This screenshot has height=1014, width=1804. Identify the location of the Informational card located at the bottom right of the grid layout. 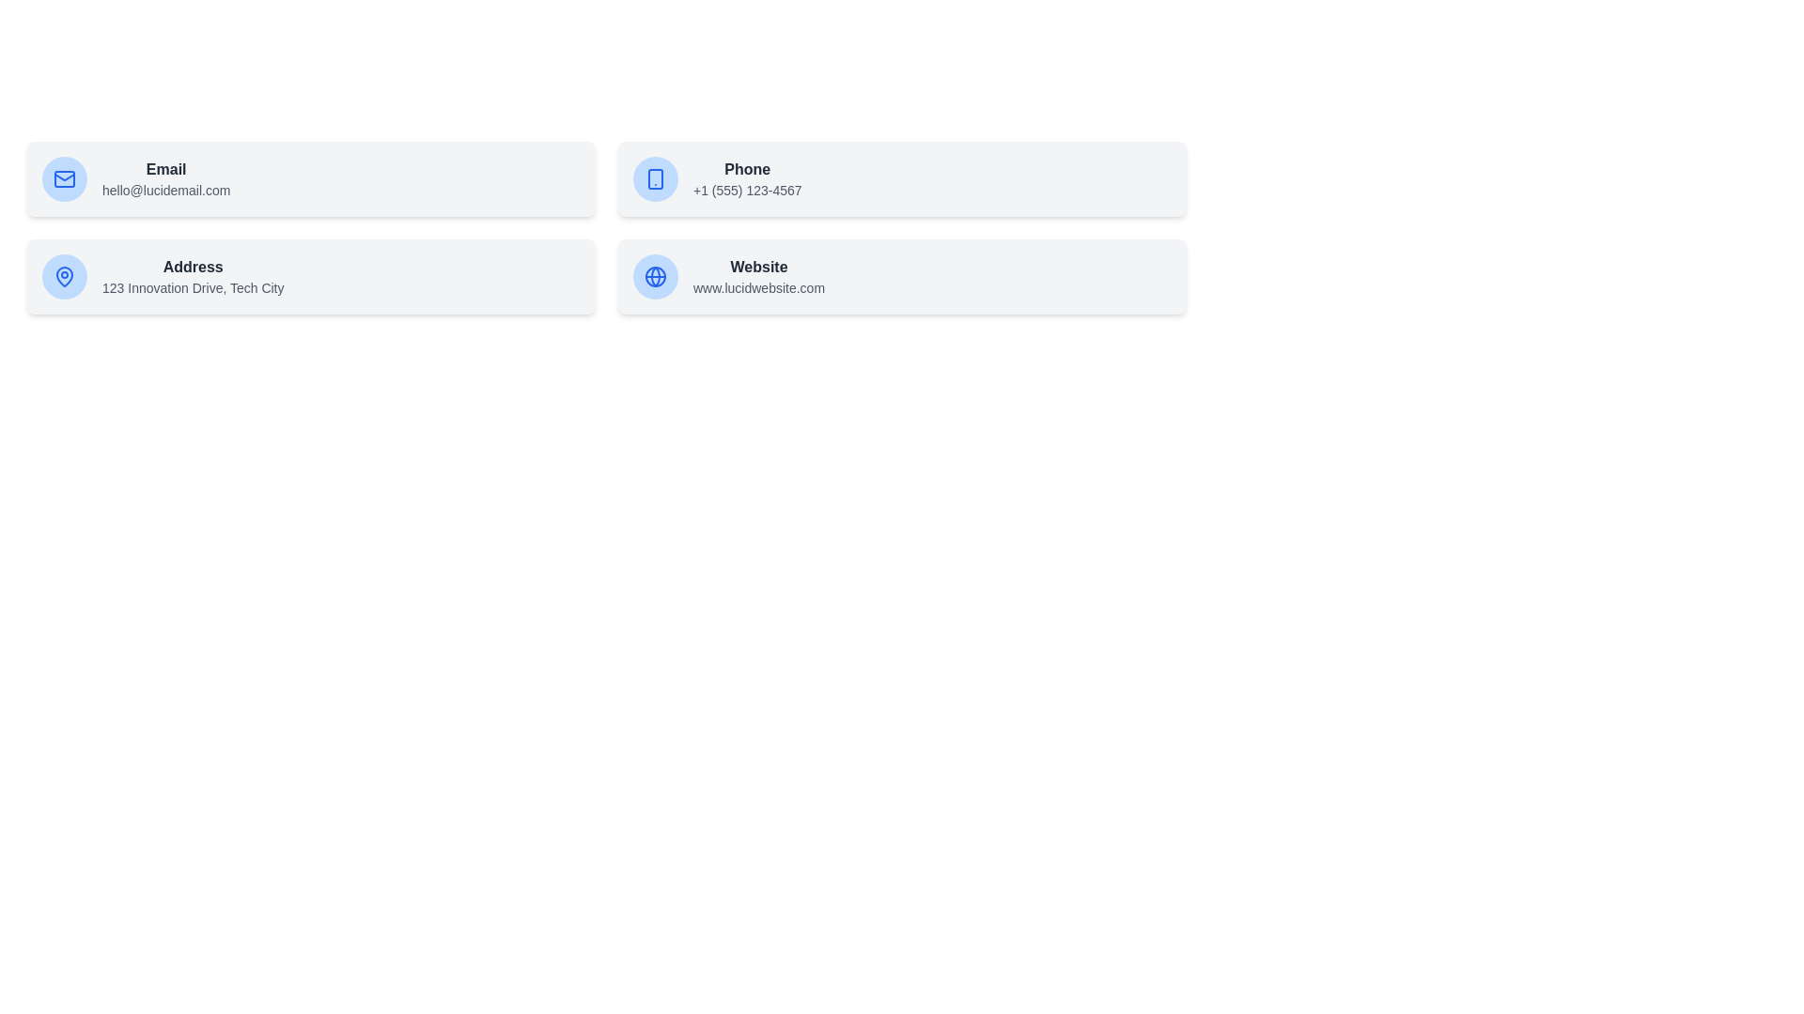
(902, 276).